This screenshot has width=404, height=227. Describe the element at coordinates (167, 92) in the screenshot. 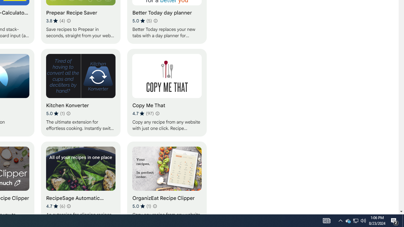

I see `'Copy Me That'` at that location.